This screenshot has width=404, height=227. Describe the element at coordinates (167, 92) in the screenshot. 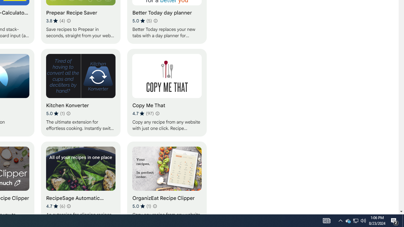

I see `'Copy Me That'` at that location.